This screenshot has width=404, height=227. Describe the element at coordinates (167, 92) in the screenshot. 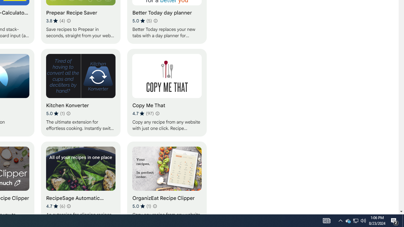

I see `'Copy Me That'` at that location.